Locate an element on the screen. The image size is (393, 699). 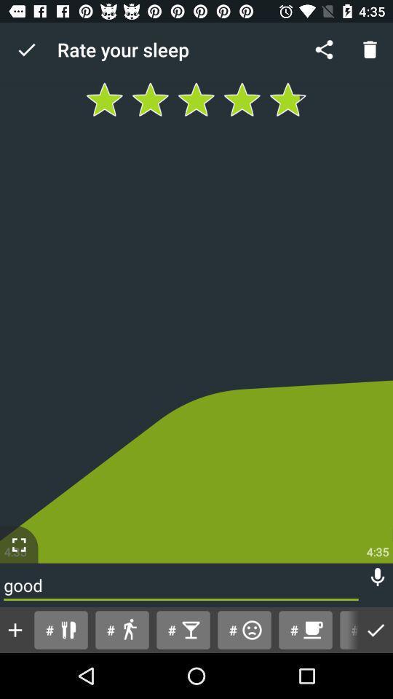
button next to # item is located at coordinates (305, 629).